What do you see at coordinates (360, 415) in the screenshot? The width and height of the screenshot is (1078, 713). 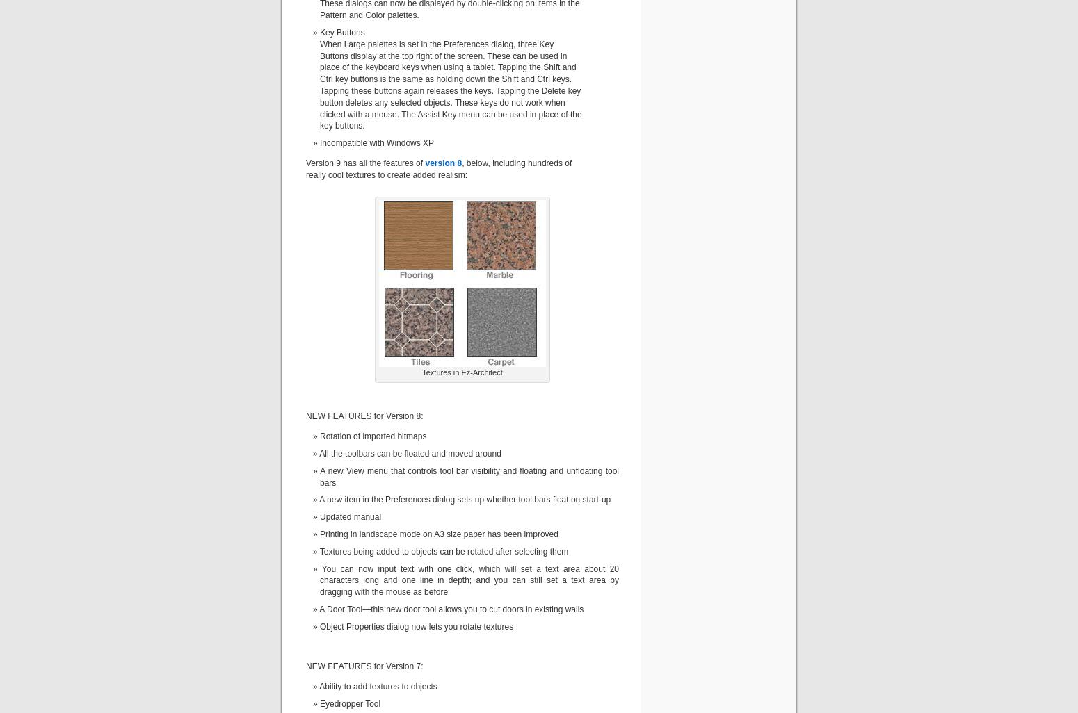 I see `'NEW FEATURES for Version'` at bounding box center [360, 415].